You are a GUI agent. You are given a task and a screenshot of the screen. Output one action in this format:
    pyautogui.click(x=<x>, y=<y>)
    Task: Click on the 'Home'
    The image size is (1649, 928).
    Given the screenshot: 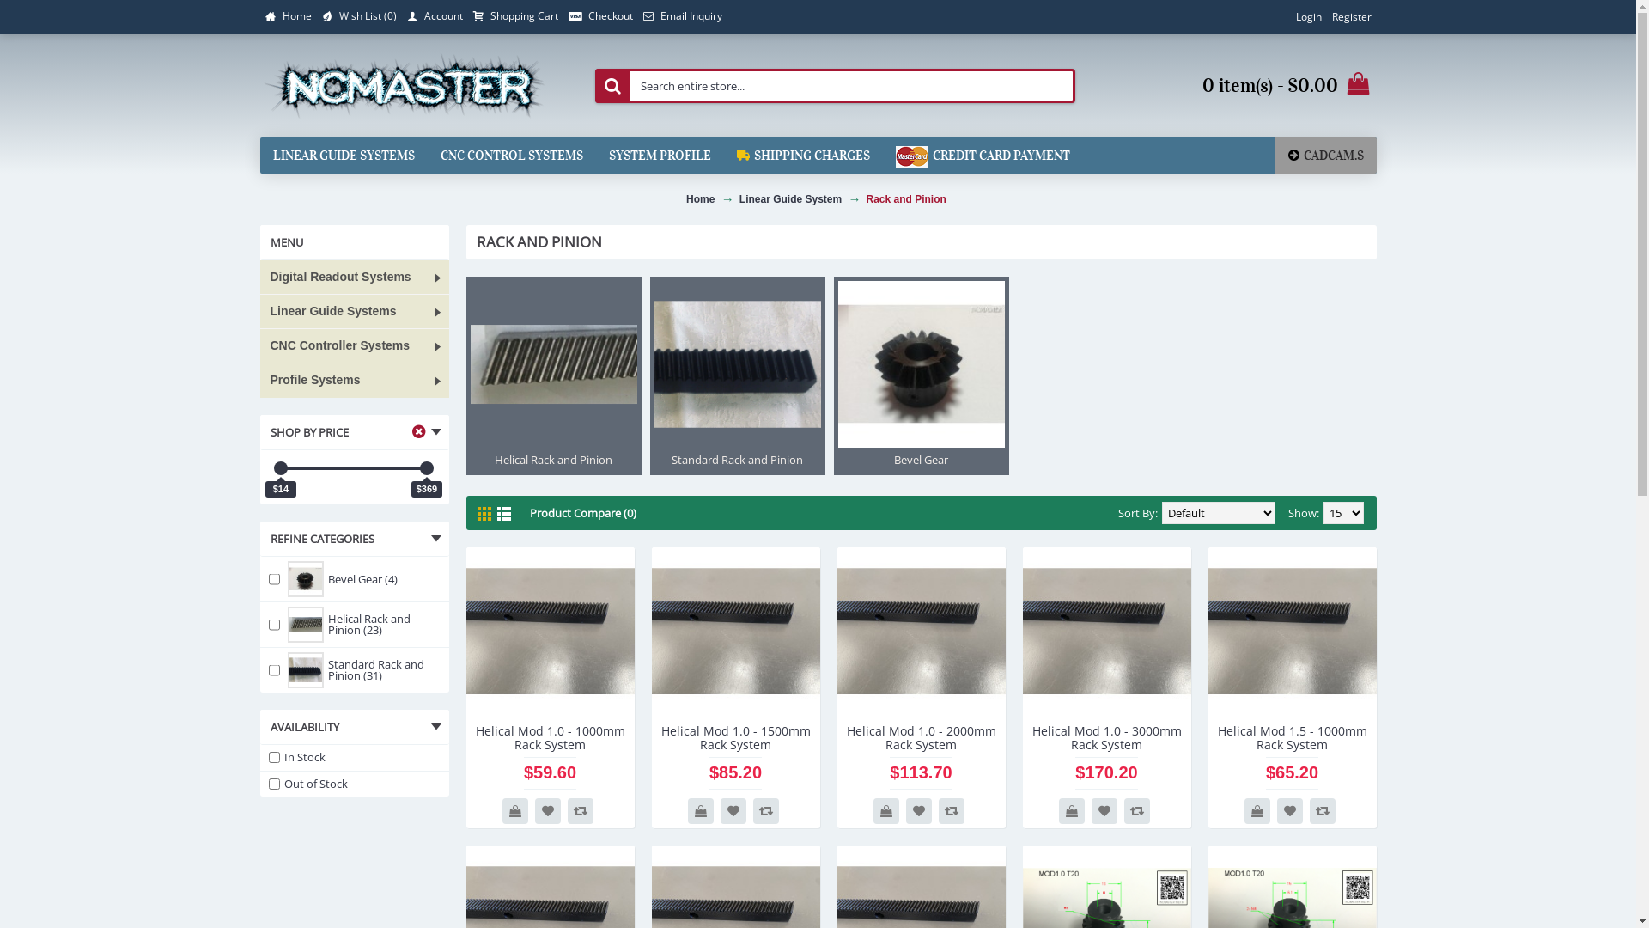 What is the action you would take?
    pyautogui.click(x=259, y=16)
    